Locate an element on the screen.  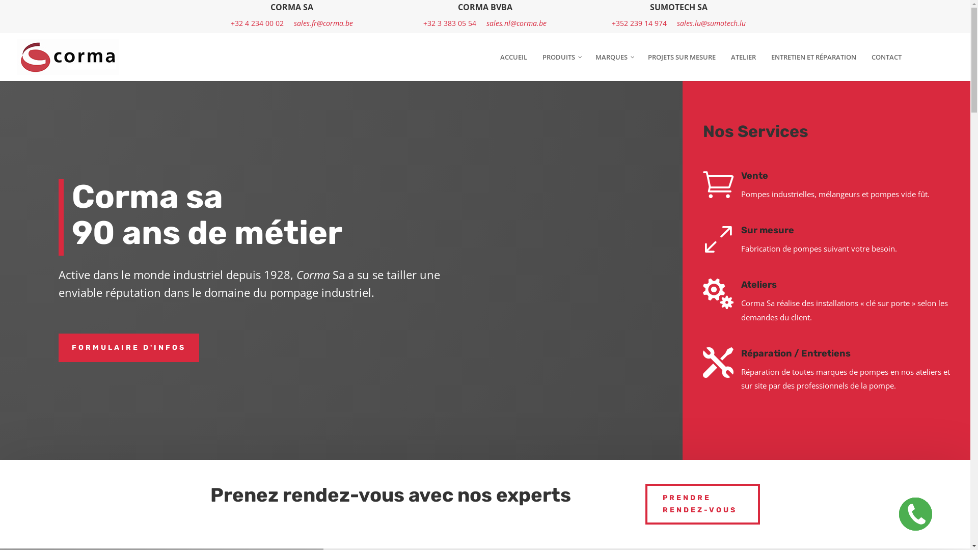
'PRODUITS' is located at coordinates (534, 65).